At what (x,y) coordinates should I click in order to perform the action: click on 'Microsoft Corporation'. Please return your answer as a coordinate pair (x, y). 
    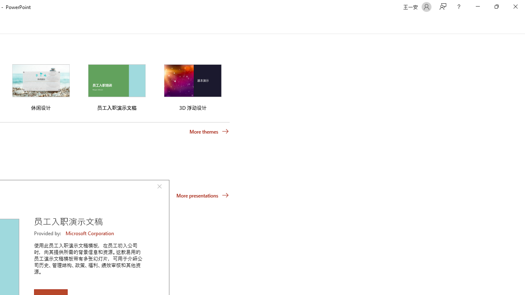
    Looking at the image, I should click on (90, 233).